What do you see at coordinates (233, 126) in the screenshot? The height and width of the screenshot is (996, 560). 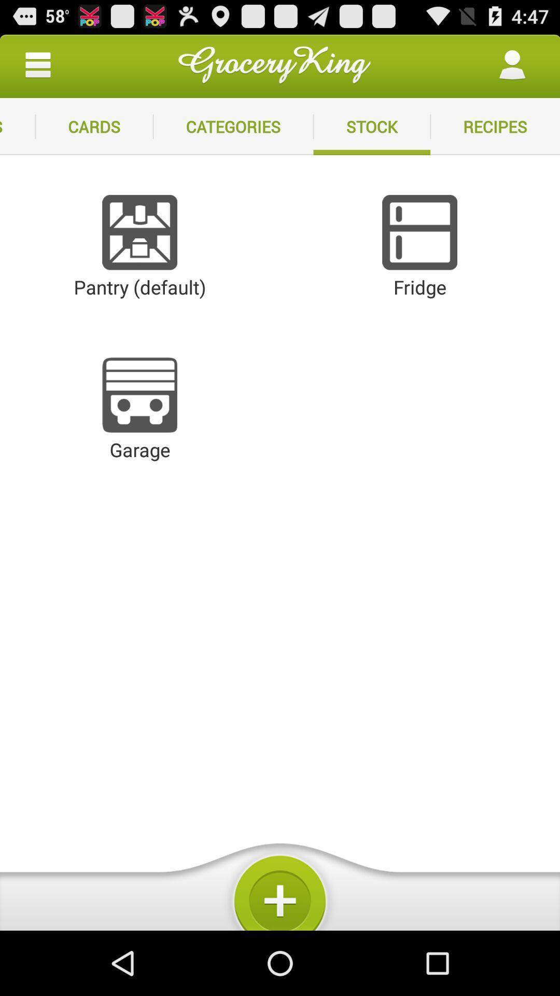 I see `categories app` at bounding box center [233, 126].